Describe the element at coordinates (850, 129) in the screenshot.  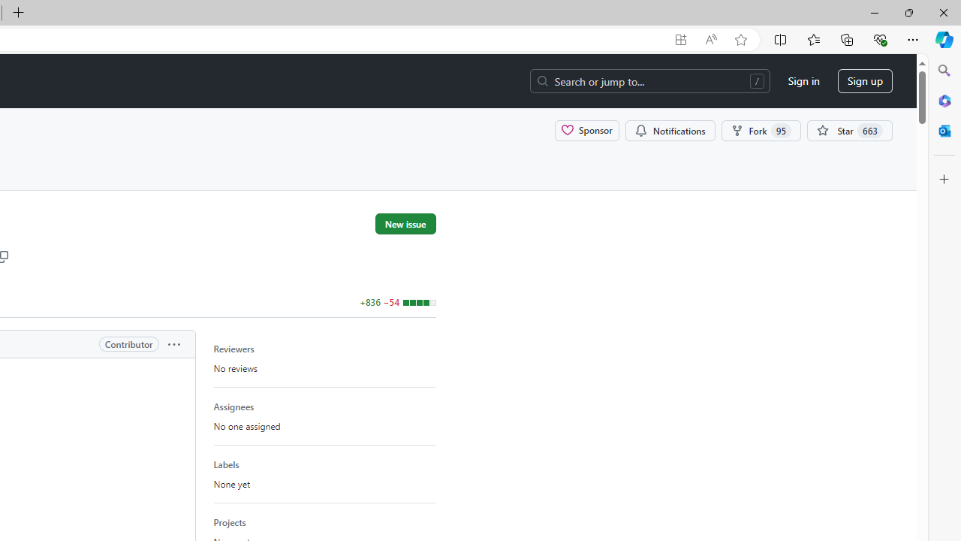
I see `'You must be signed in to star a repository'` at that location.